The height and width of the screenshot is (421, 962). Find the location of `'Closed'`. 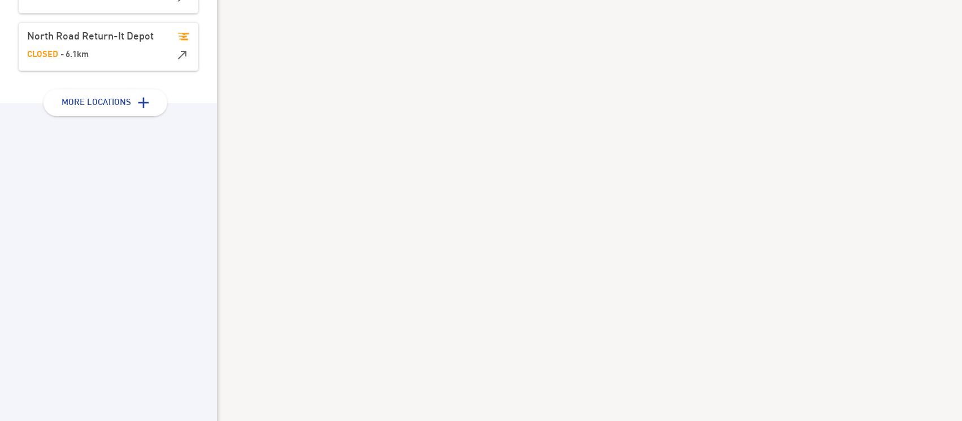

'Closed' is located at coordinates (42, 55).